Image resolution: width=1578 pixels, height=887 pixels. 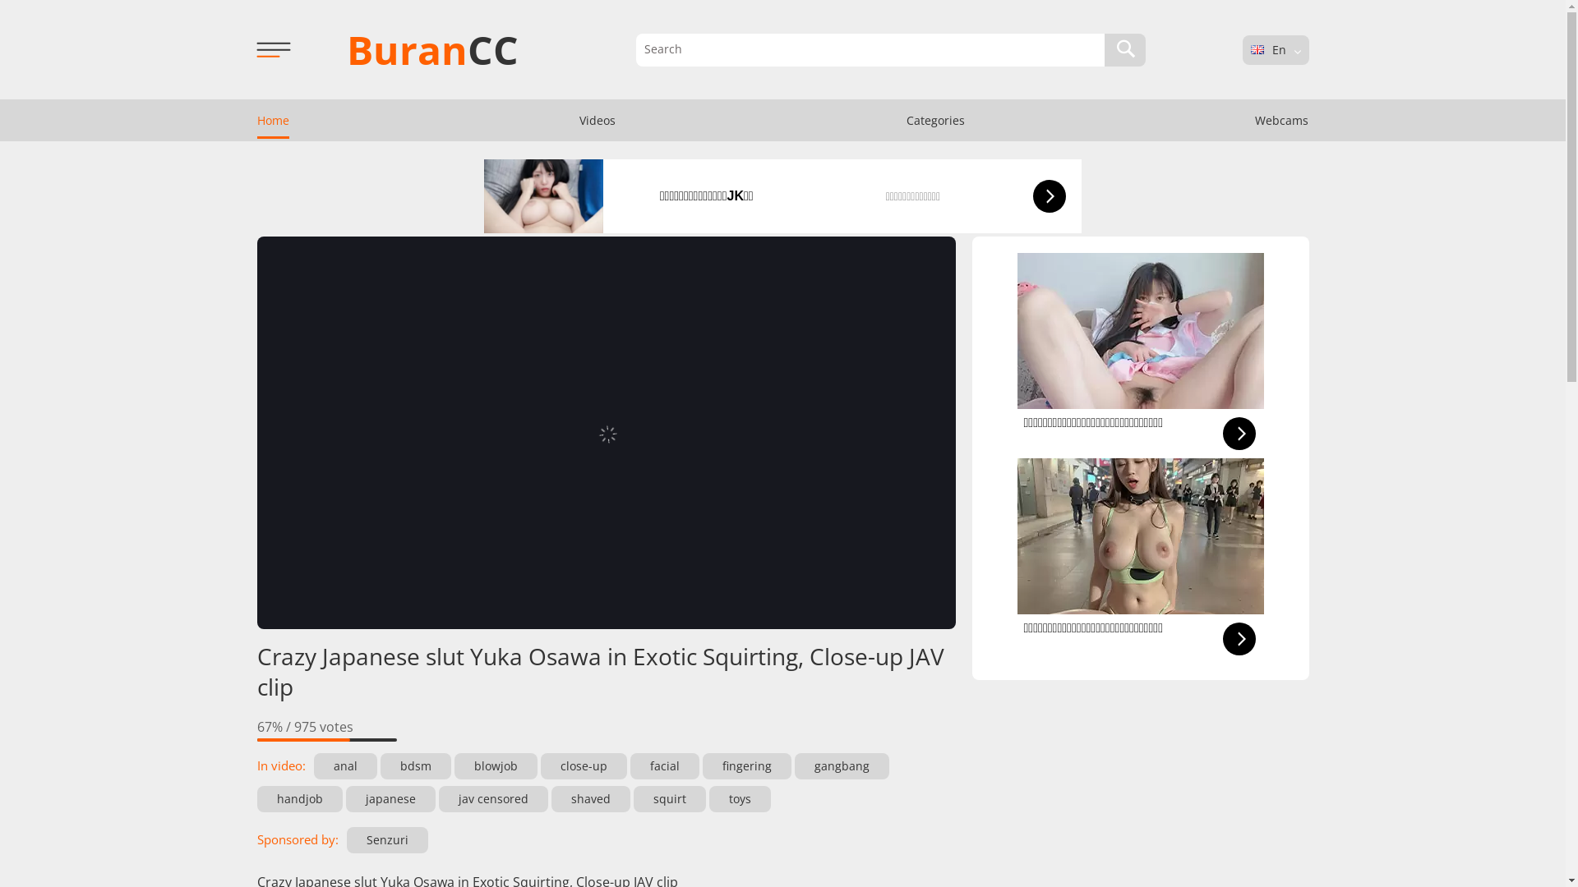 I want to click on 'close-up', so click(x=584, y=766).